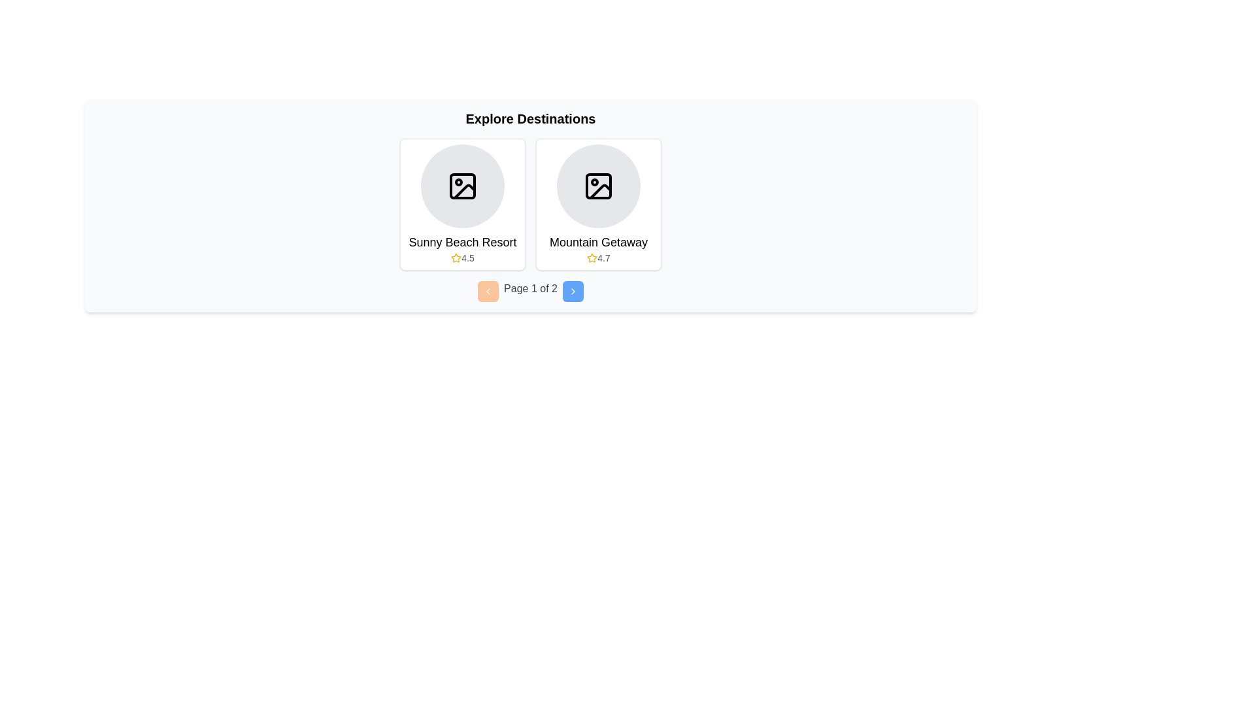  I want to click on the graphic icon representing the 'Mountain Getaway' destination, which features a rectangular border enclosing a circular and triangular shape in a monochromatic style, so click(598, 186).